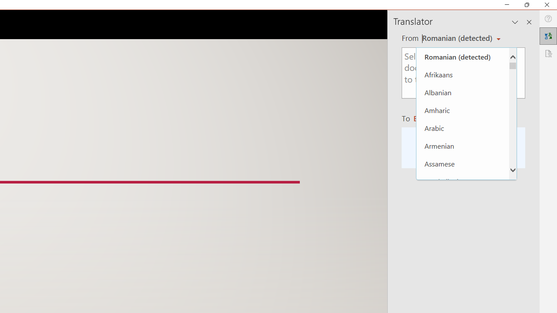  Describe the element at coordinates (462, 110) in the screenshot. I see `'Amharic'` at that location.